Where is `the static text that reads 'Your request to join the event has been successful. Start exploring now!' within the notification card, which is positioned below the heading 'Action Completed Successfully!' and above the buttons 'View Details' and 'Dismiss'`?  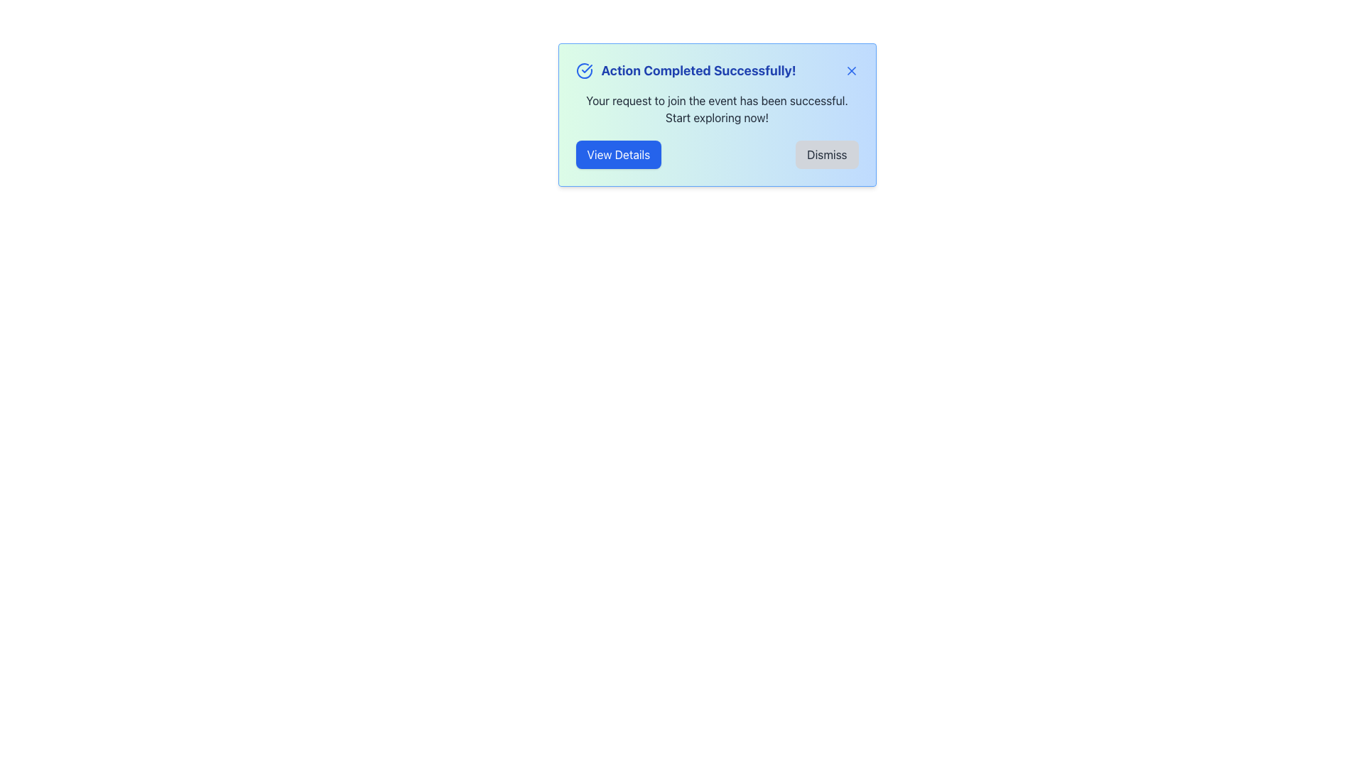 the static text that reads 'Your request to join the event has been successful. Start exploring now!' within the notification card, which is positioned below the heading 'Action Completed Successfully!' and above the buttons 'View Details' and 'Dismiss' is located at coordinates (717, 109).